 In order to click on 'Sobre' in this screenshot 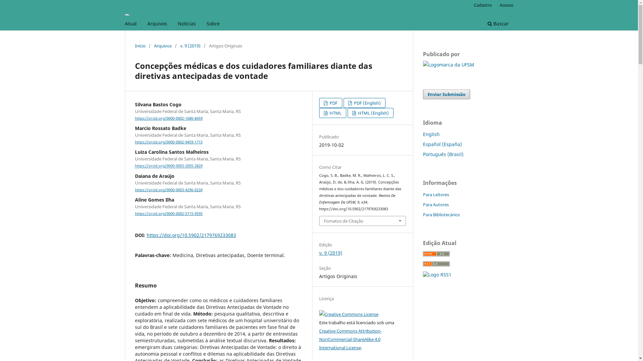, I will do `click(204, 24)`.